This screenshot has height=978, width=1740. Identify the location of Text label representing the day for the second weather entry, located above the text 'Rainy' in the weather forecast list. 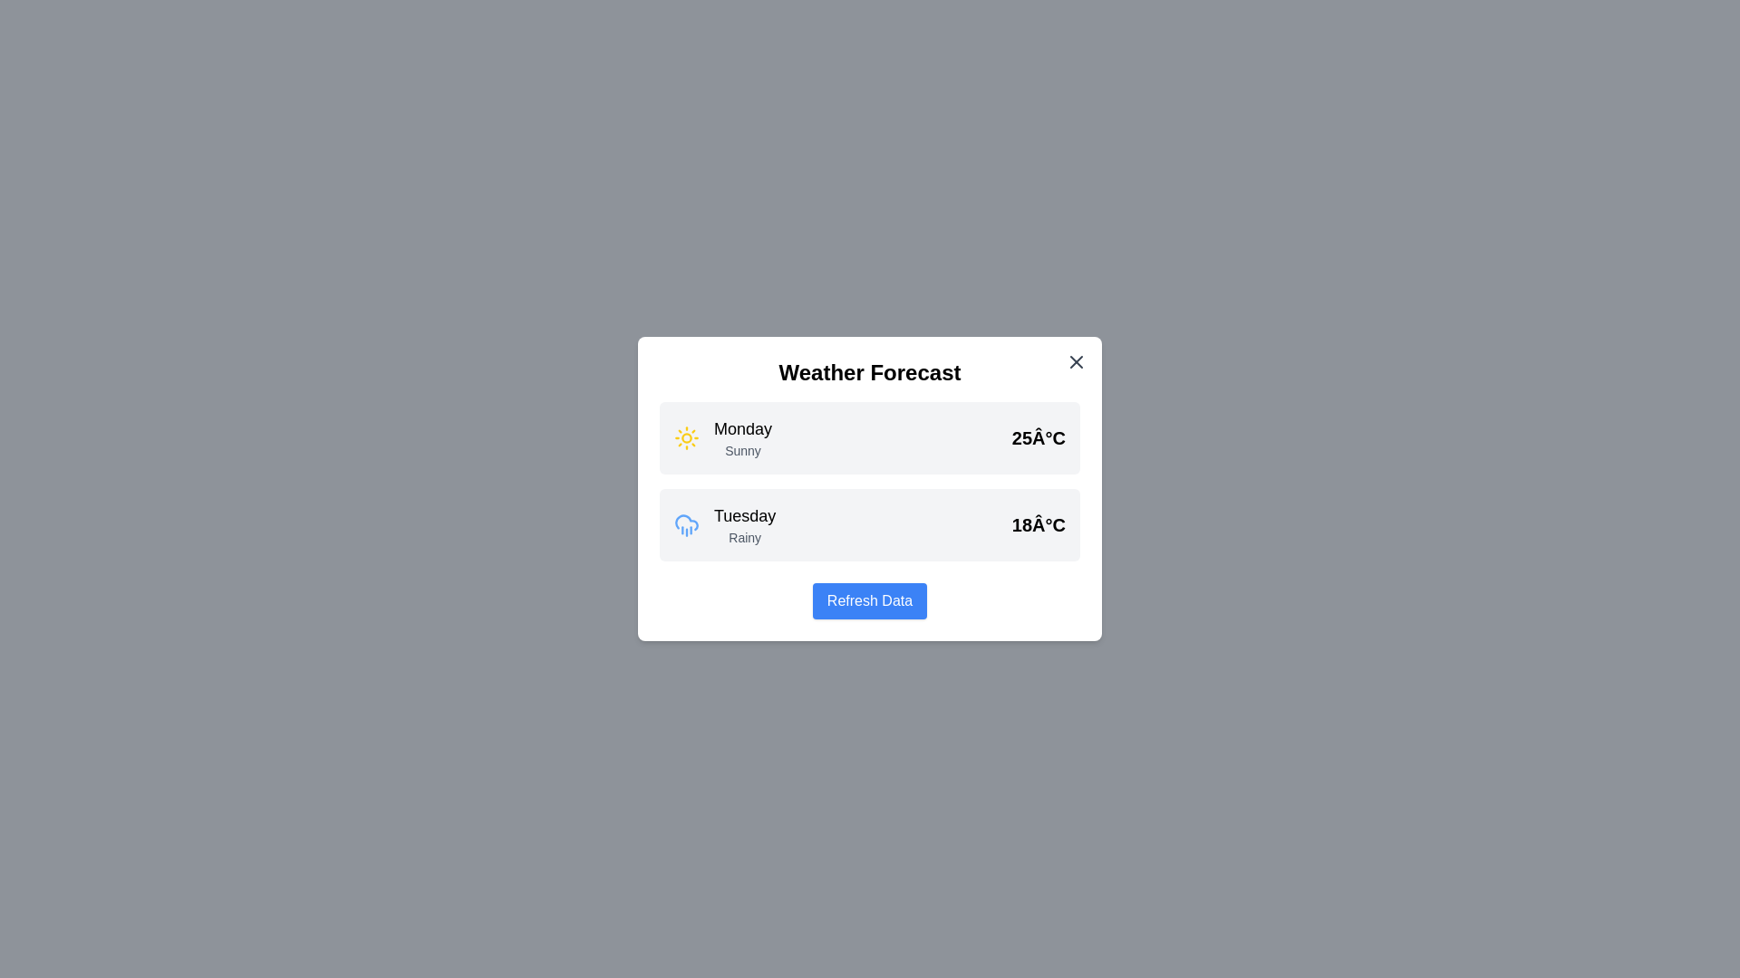
(745, 516).